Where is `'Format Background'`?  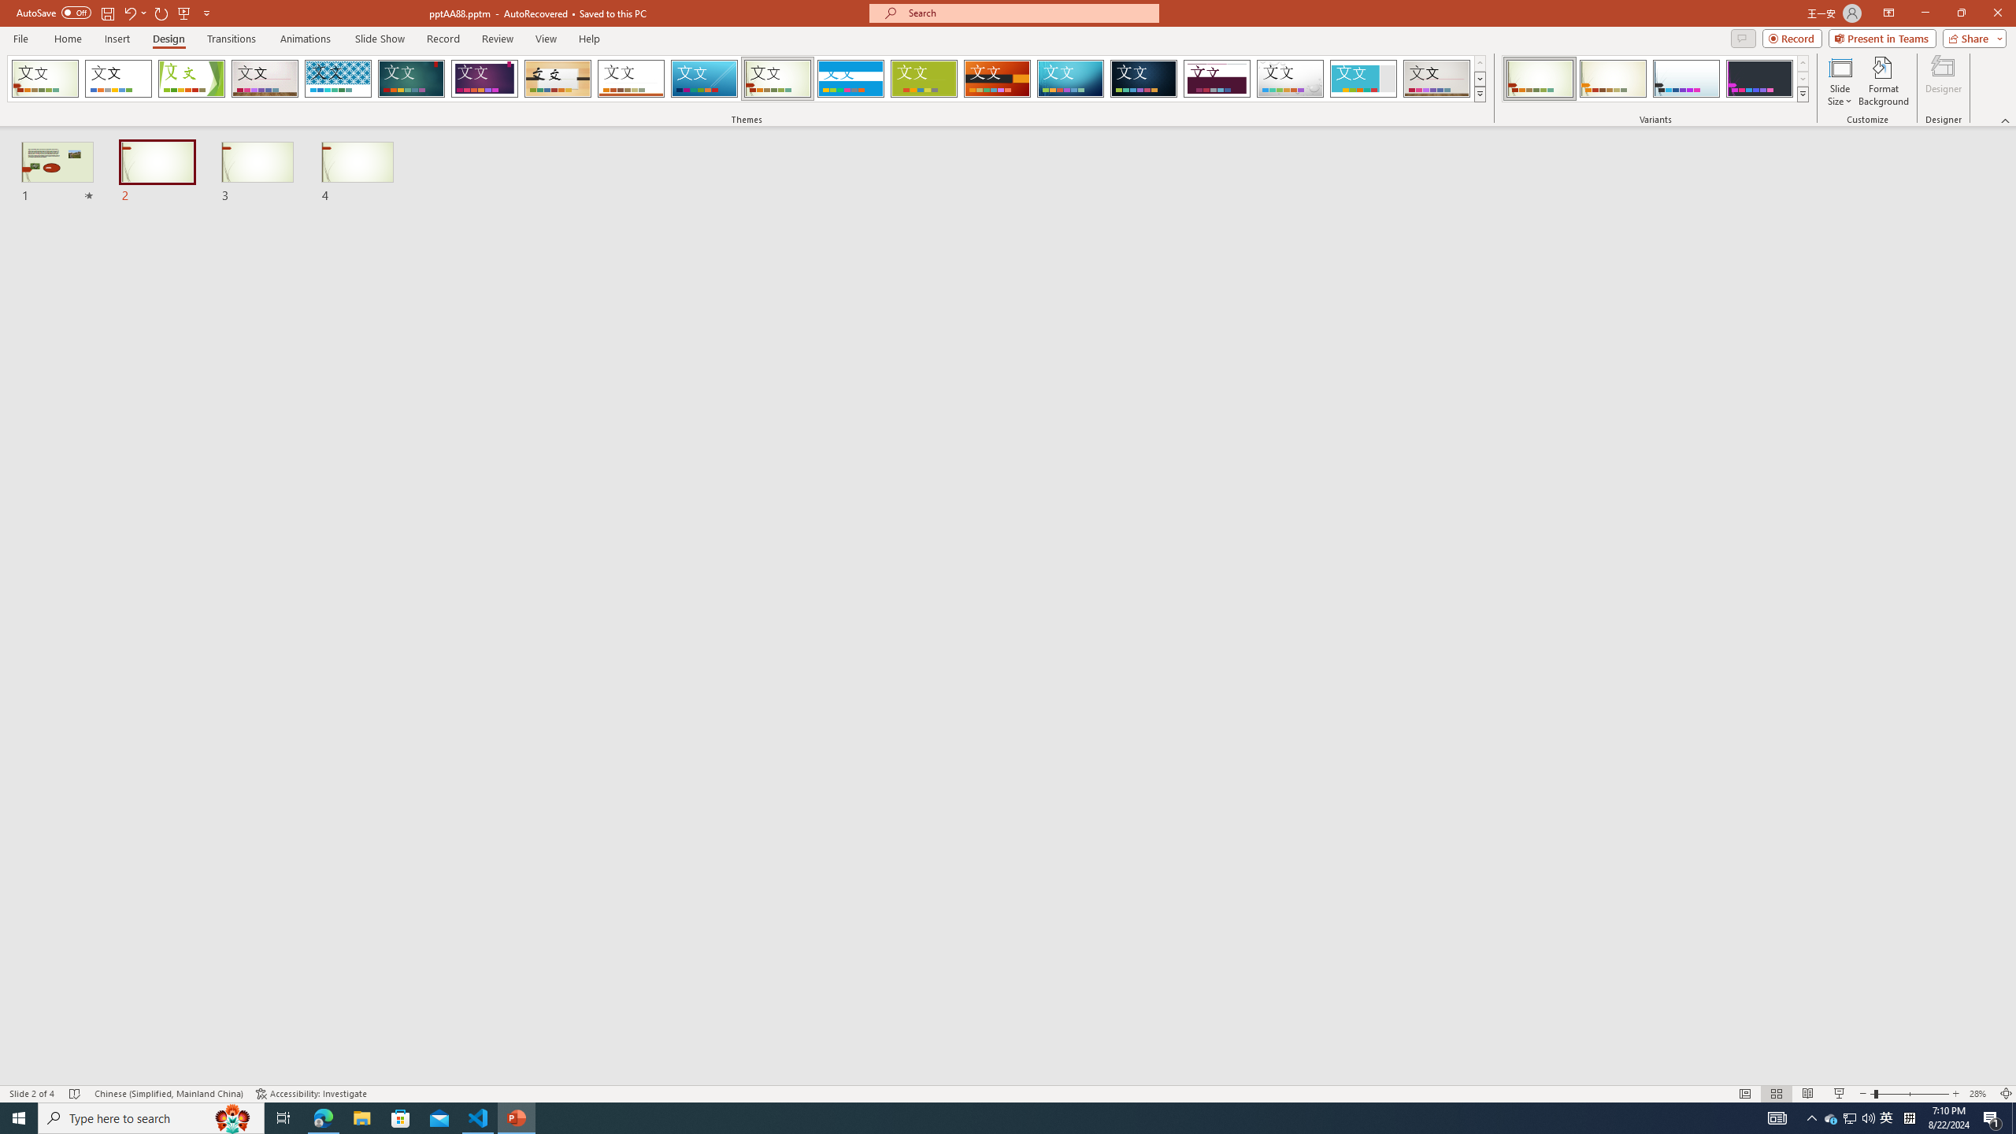
'Format Background' is located at coordinates (1884, 81).